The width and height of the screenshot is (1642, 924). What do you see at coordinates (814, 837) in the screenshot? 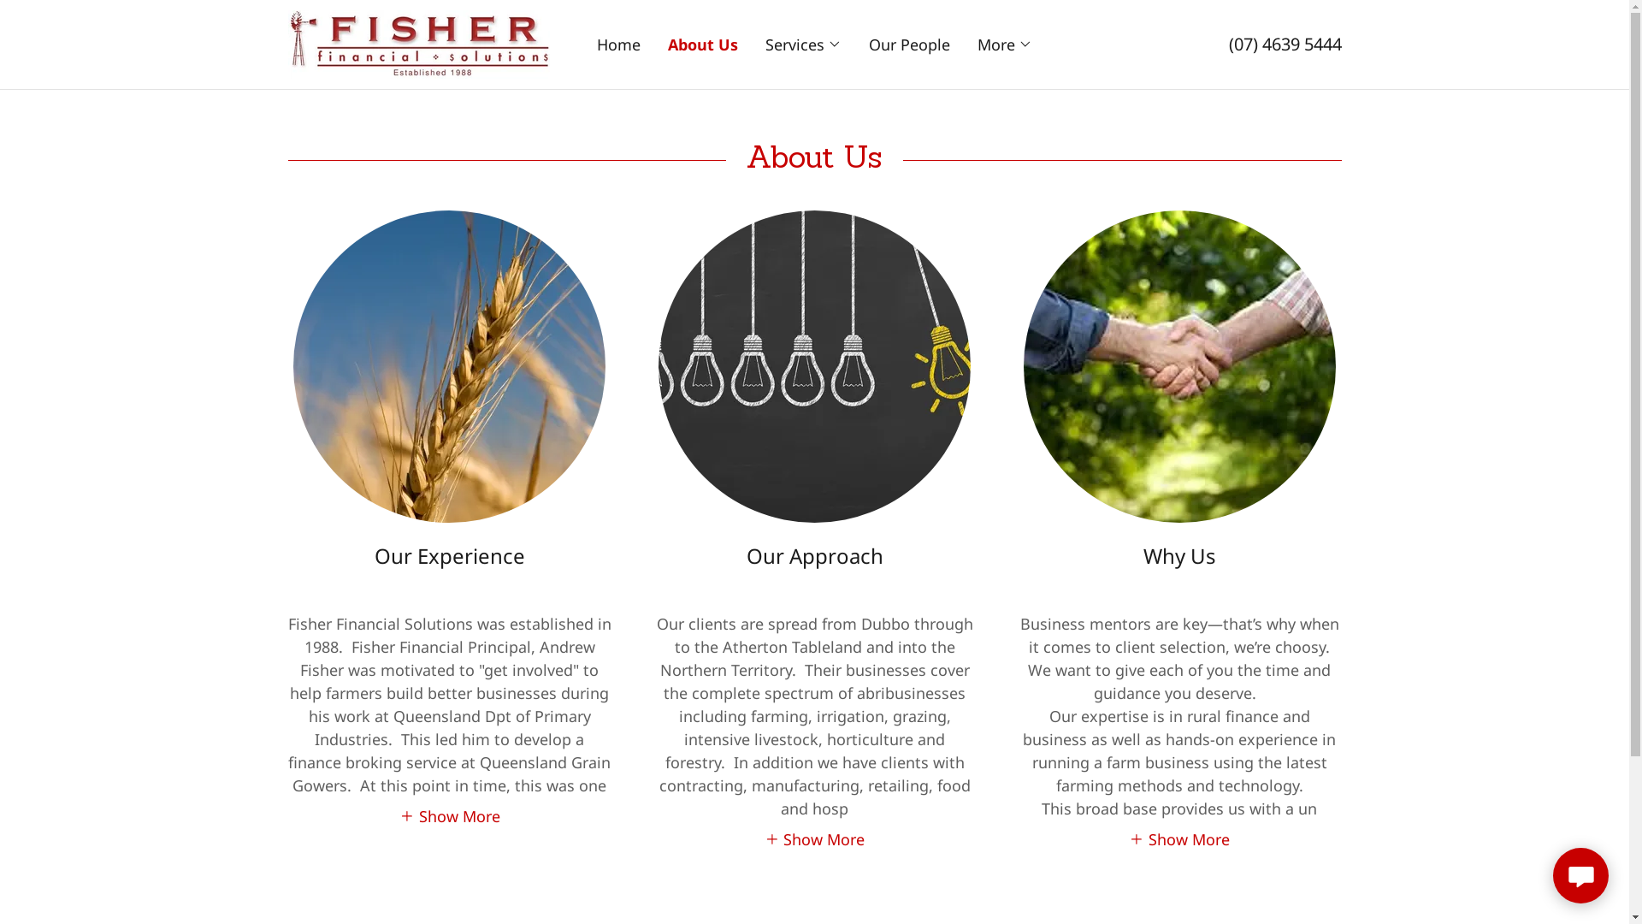
I see `'Show More'` at bounding box center [814, 837].